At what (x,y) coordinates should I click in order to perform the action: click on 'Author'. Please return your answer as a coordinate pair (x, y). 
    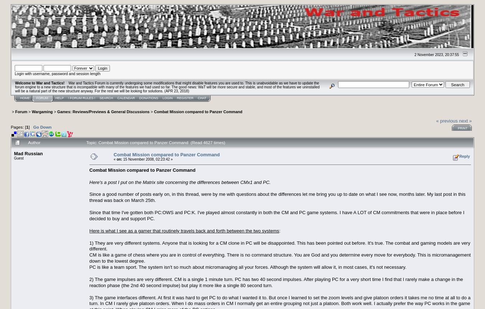
    Looking at the image, I should click on (34, 142).